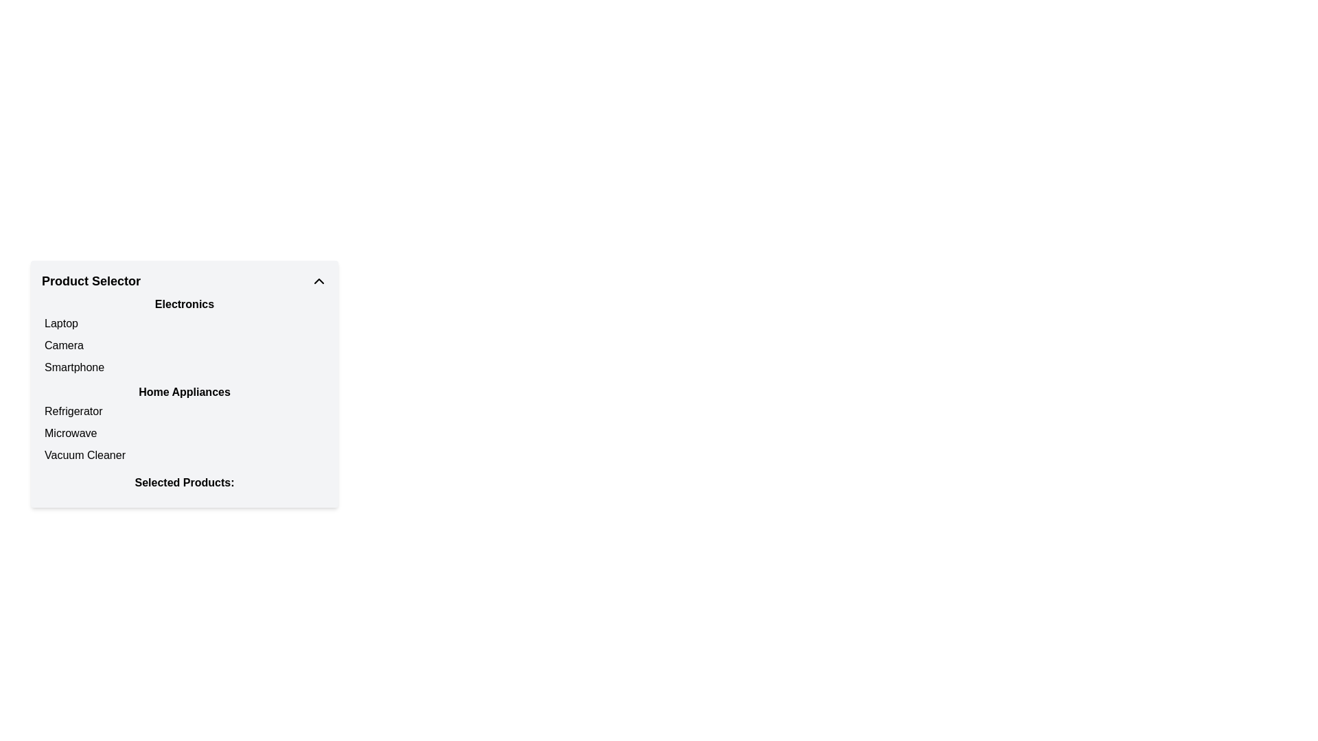 This screenshot has height=741, width=1318. I want to click on the heading text label located at the bottom of the card layout that lists selected products under 'Electronics' and 'Home Appliances', so click(183, 485).